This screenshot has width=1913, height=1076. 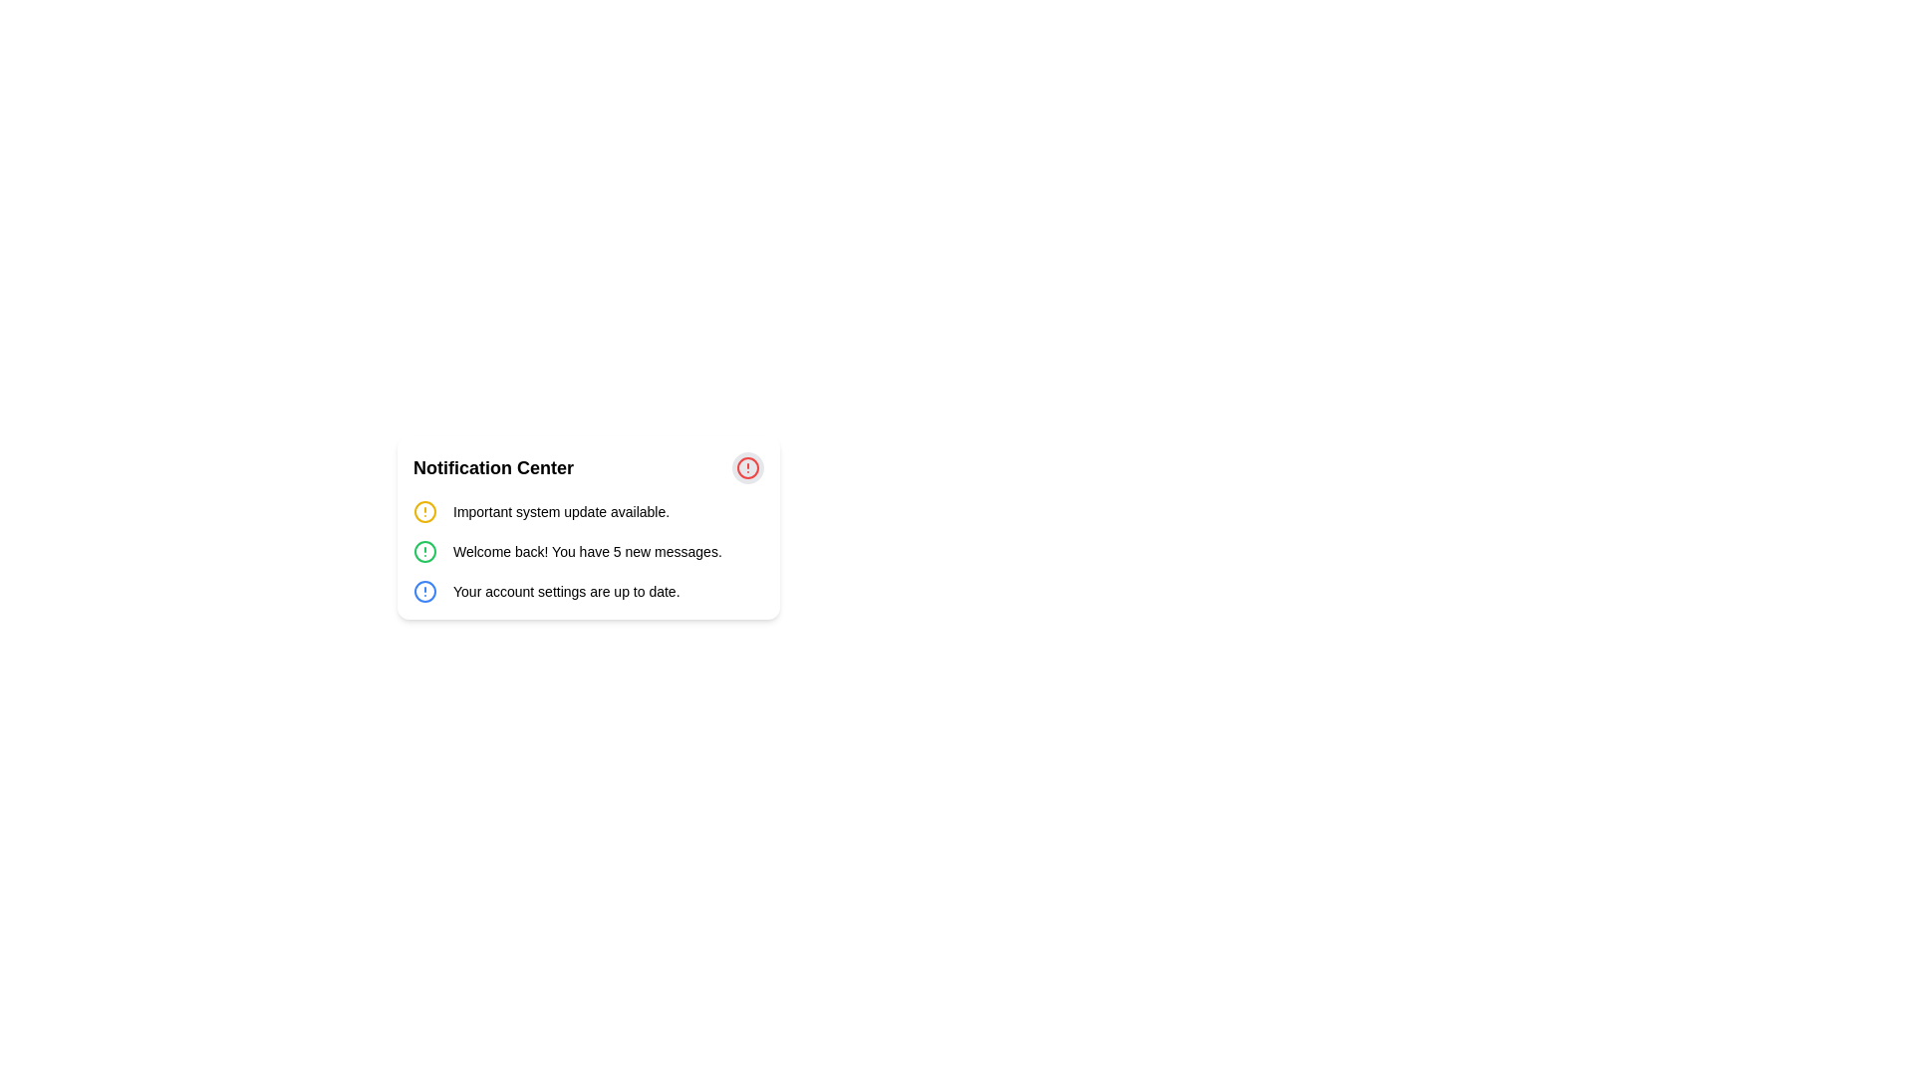 What do you see at coordinates (587, 591) in the screenshot?
I see `the notification that states 'Your account settings are up to date.' This notification is the third item in a stacked list and has an information icon with a blue circle and an exclamation mark` at bounding box center [587, 591].